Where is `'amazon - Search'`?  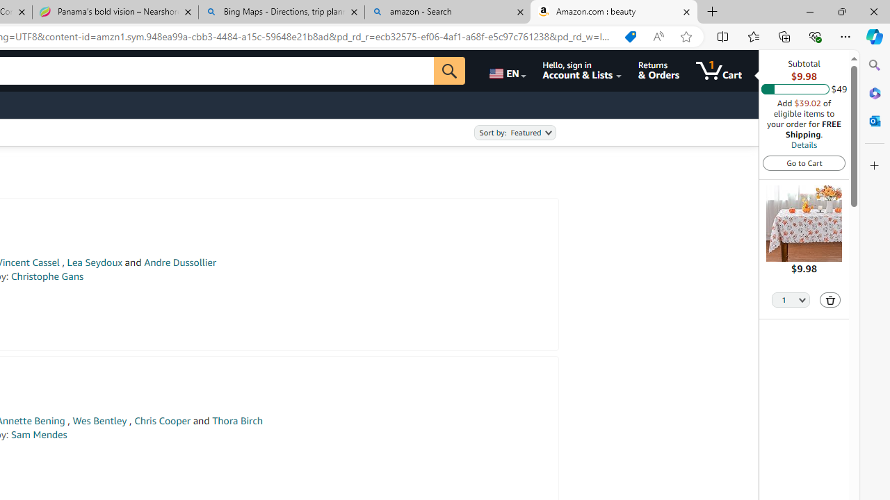 'amazon - Search' is located at coordinates (447, 12).